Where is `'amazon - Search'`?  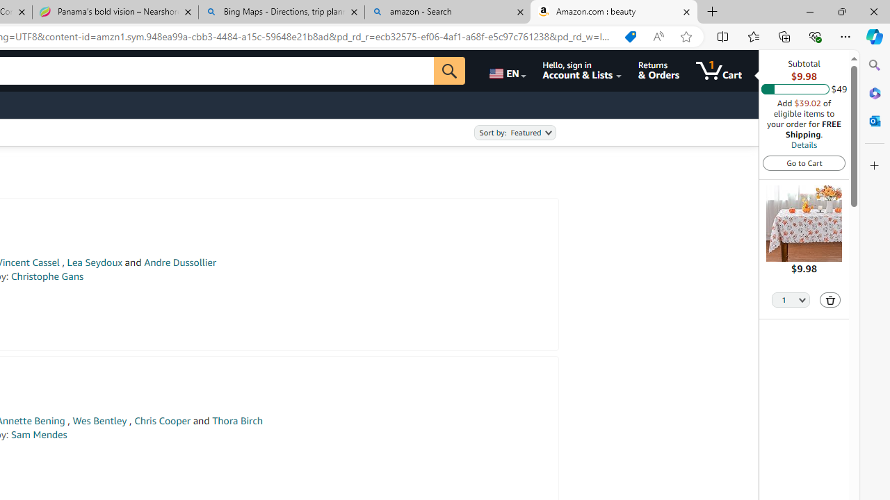 'amazon - Search' is located at coordinates (447, 12).